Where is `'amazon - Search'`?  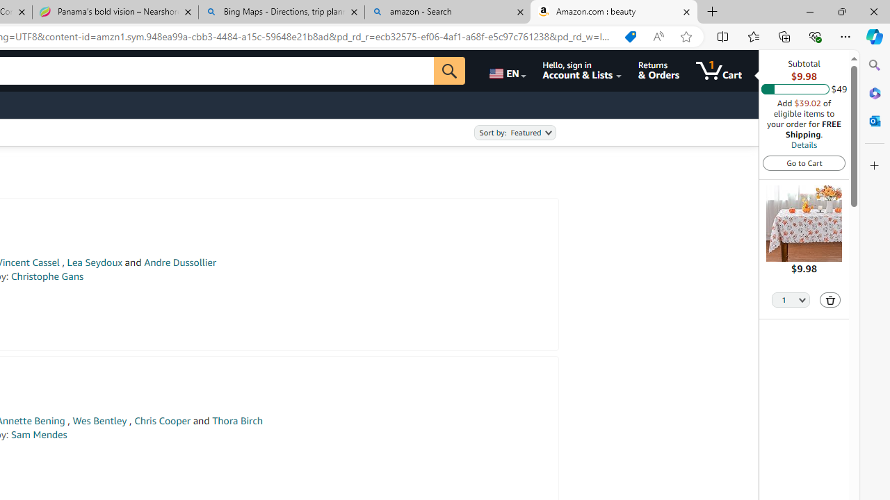 'amazon - Search' is located at coordinates (447, 12).